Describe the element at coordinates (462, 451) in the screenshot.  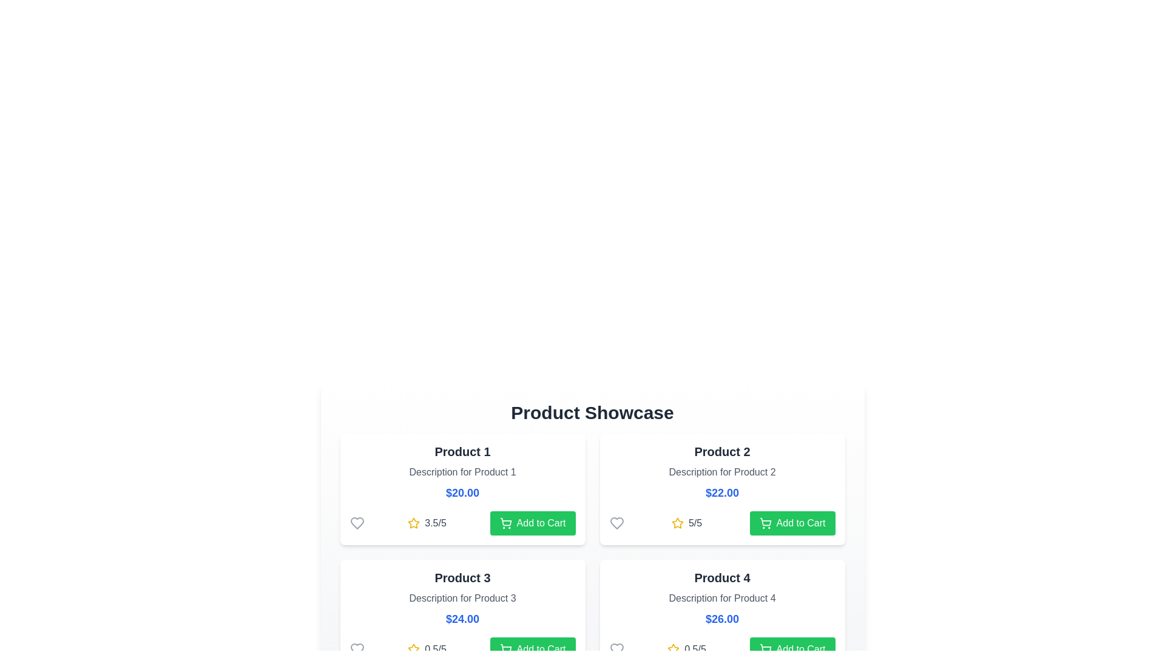
I see `the product title text label located at the top of the first product card in the 'Product Showcase', which provides key identification information` at that location.